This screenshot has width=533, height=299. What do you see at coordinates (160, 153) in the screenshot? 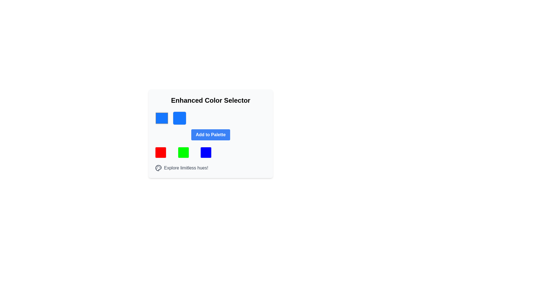
I see `the leftmost bright red color box in the color palette interface, located below the 'Add to Palette' button` at bounding box center [160, 153].